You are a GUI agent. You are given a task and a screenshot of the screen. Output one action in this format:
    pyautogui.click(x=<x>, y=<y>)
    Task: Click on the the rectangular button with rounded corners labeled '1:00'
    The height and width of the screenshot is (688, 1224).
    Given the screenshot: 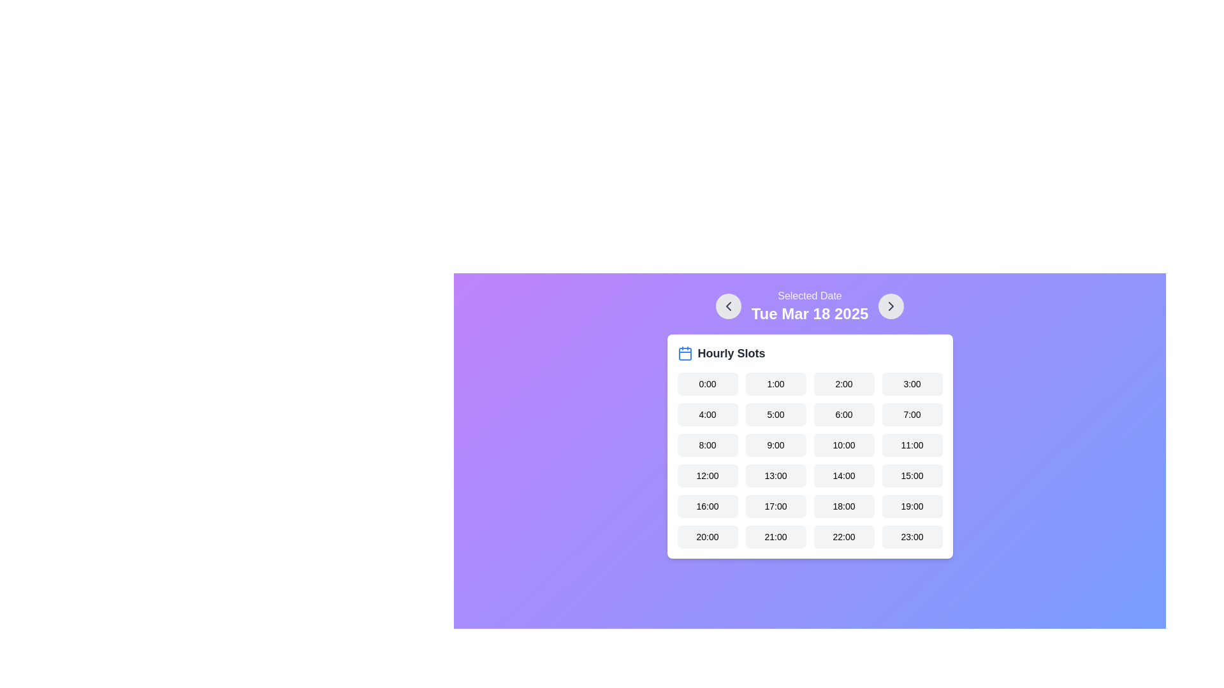 What is the action you would take?
    pyautogui.click(x=775, y=383)
    